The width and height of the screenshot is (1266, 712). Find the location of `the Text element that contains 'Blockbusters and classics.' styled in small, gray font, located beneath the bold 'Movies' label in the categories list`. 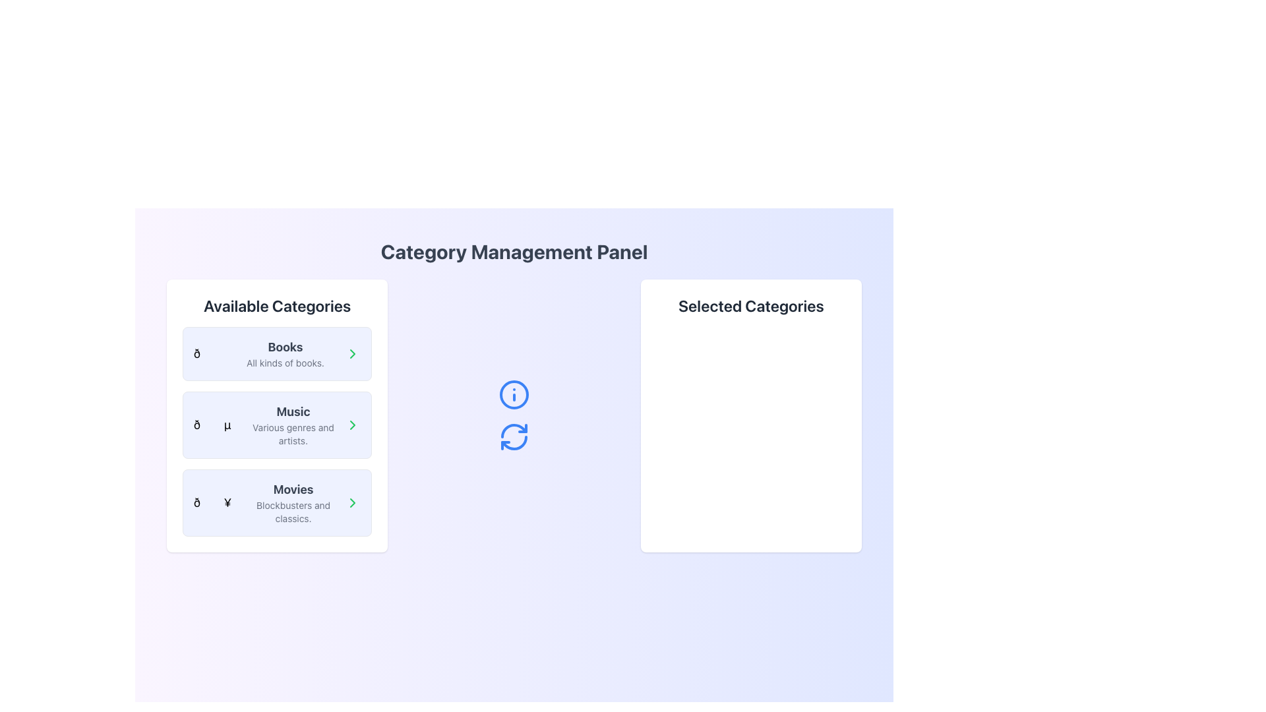

the Text element that contains 'Blockbusters and classics.' styled in small, gray font, located beneath the bold 'Movies' label in the categories list is located at coordinates (293, 511).